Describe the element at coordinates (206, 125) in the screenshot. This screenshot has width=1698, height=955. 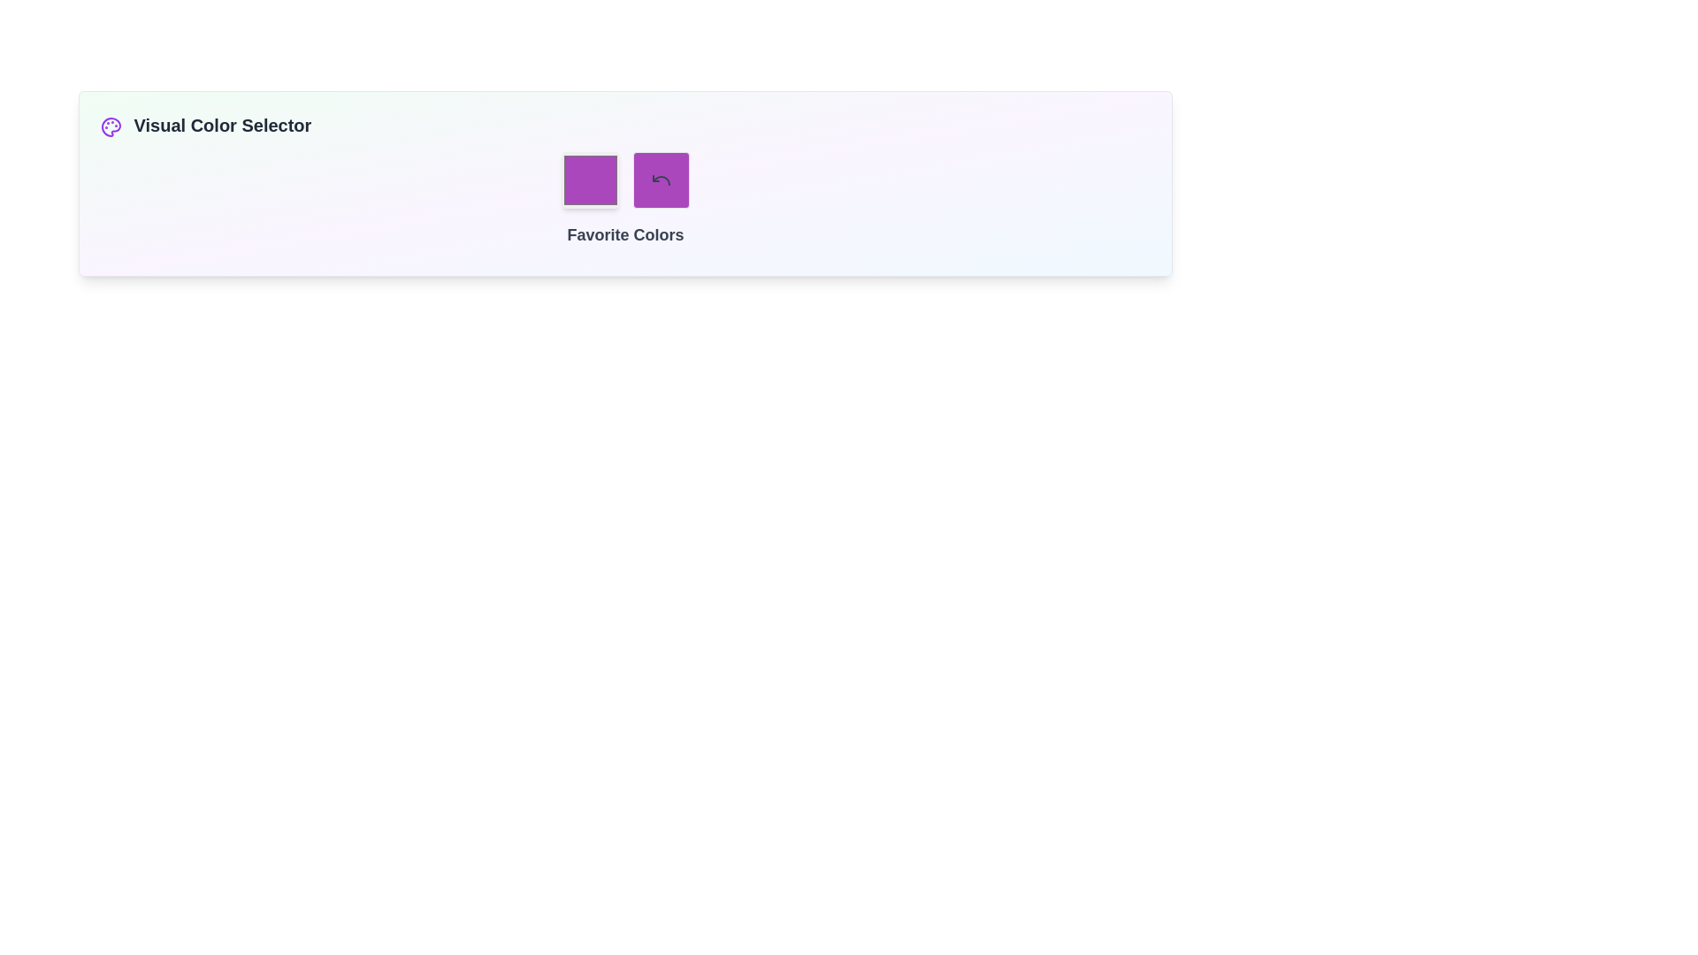
I see `the Text Label stating 'Visual Color Selector', which is styled in a bold, large font and positioned to the left of a palette icon at the top of the interface` at that location.